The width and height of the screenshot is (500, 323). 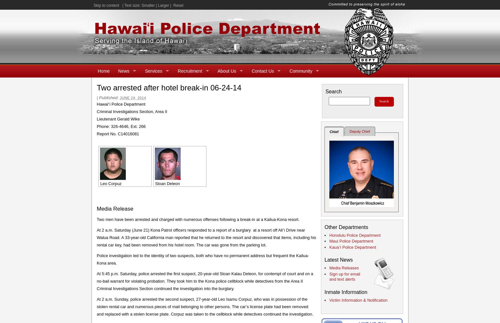 What do you see at coordinates (355, 234) in the screenshot?
I see `'Honolulu Police Department'` at bounding box center [355, 234].